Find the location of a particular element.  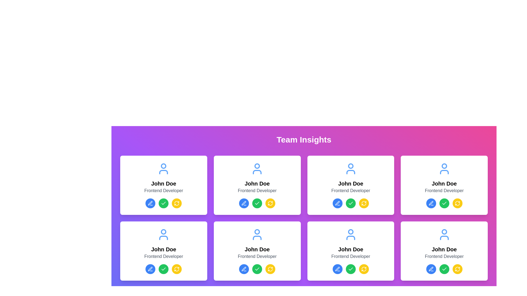

the text label that identifies the associated individual in the second row, first column of the user cards grid is located at coordinates (163, 249).